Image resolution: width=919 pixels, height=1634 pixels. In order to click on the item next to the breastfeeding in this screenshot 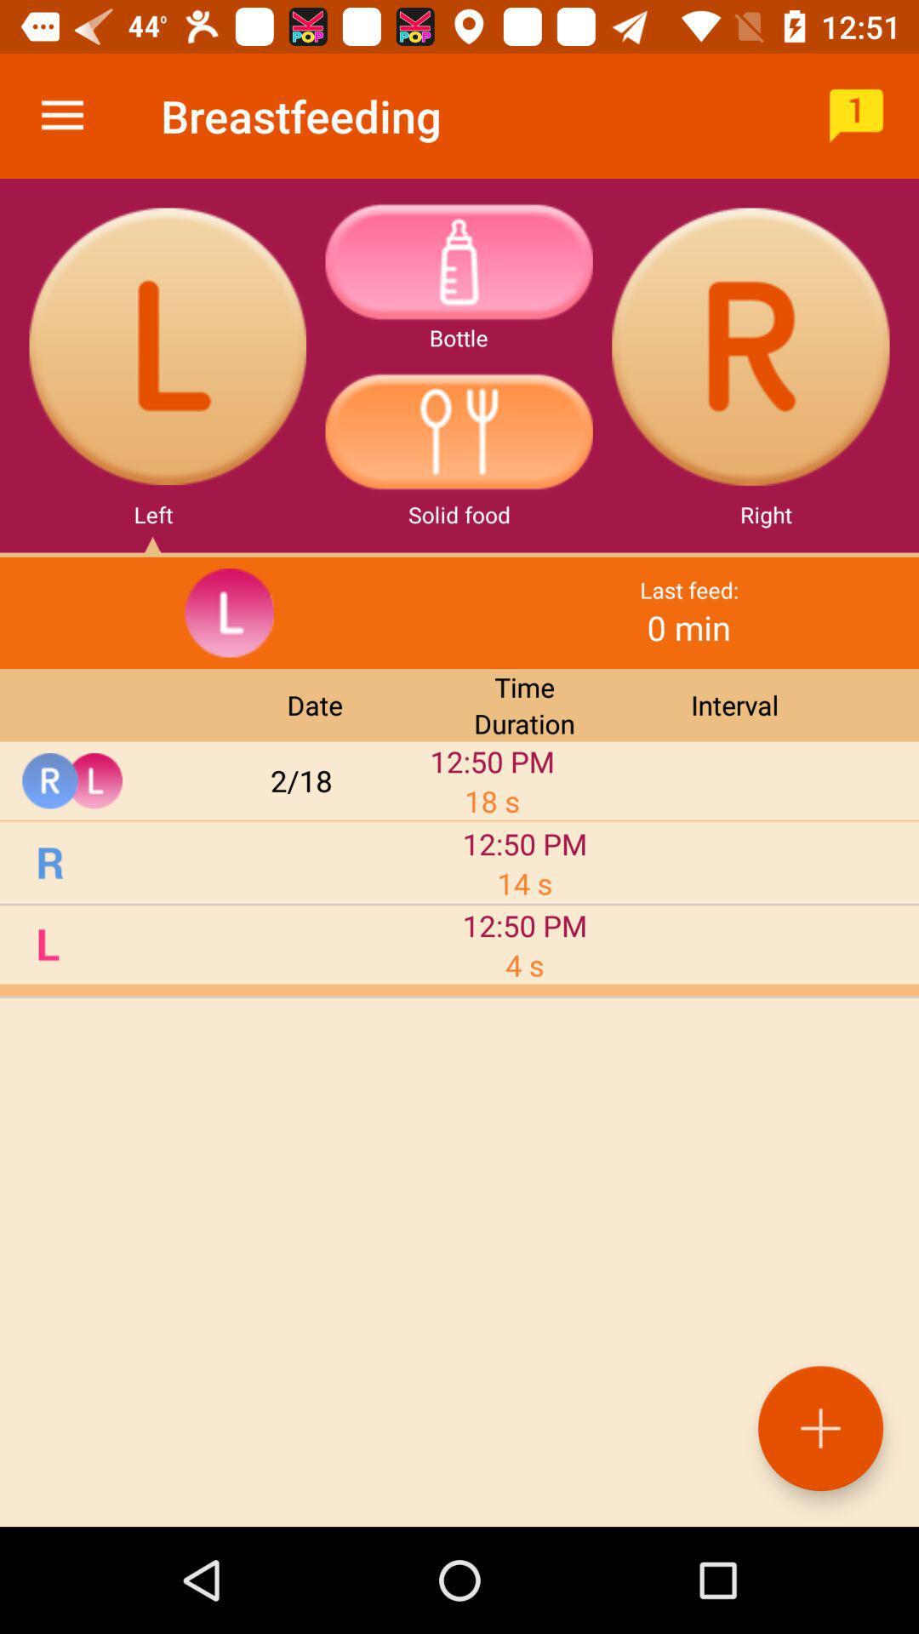, I will do `click(61, 115)`.